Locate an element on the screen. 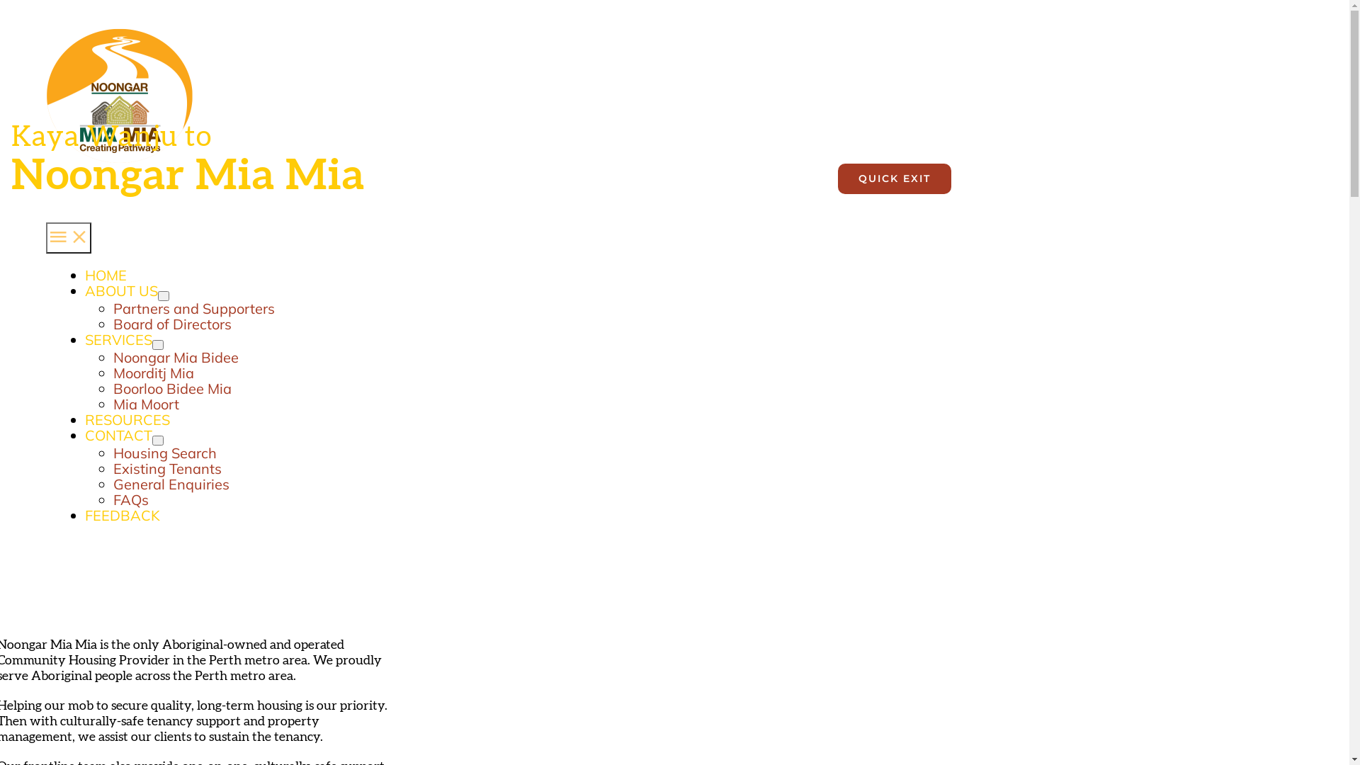 This screenshot has width=1360, height=765. 'Noongar Mia Bidee' is located at coordinates (112, 356).